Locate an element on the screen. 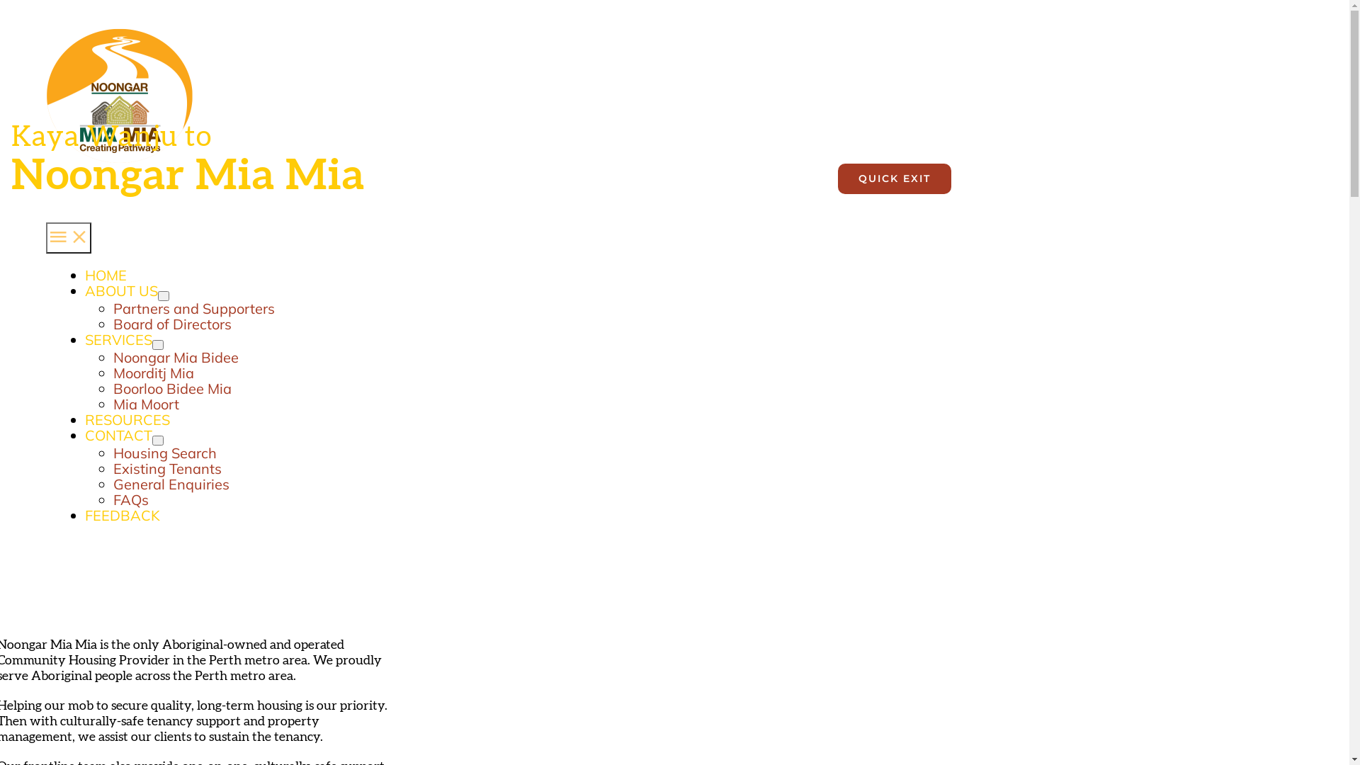 This screenshot has width=1360, height=765. 'Noongar Mia Bidee' is located at coordinates (112, 356).